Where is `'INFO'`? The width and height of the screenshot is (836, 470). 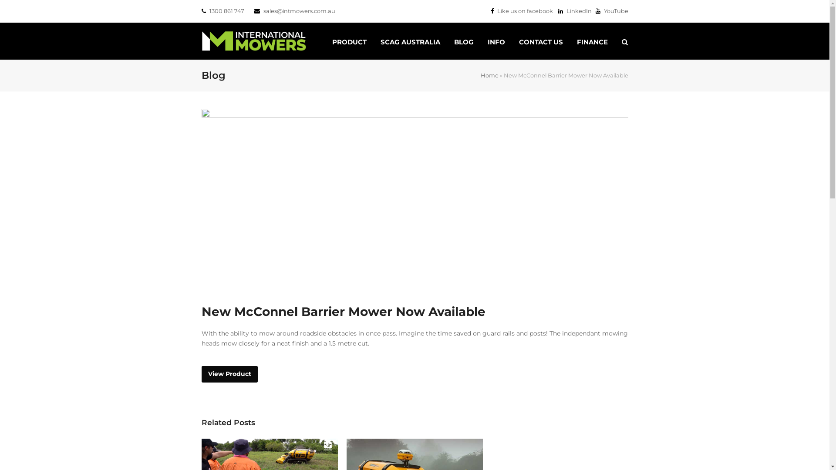 'INFO' is located at coordinates (496, 40).